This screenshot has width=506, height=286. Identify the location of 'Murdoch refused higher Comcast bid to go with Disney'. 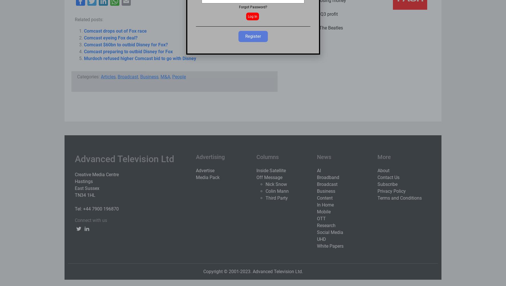
(83, 58).